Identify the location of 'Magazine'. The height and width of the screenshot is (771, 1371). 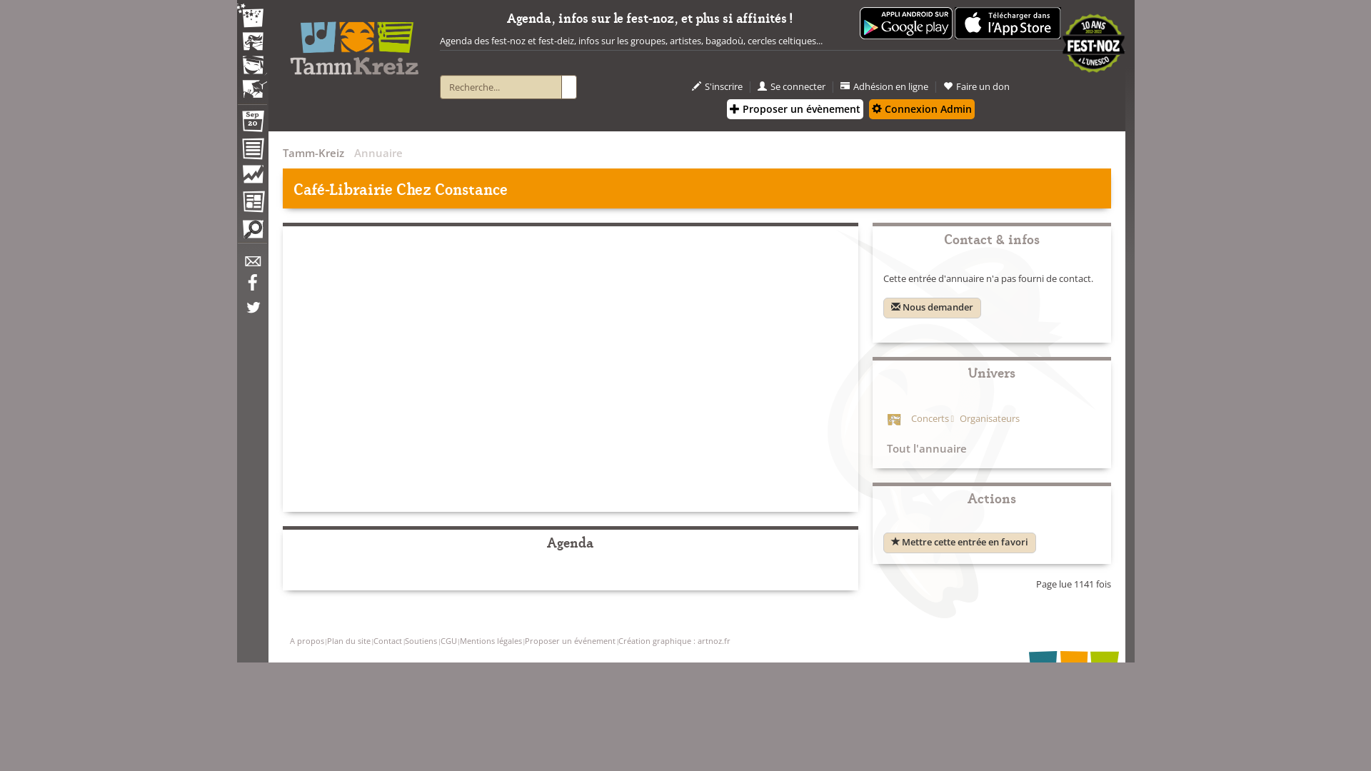
(236, 203).